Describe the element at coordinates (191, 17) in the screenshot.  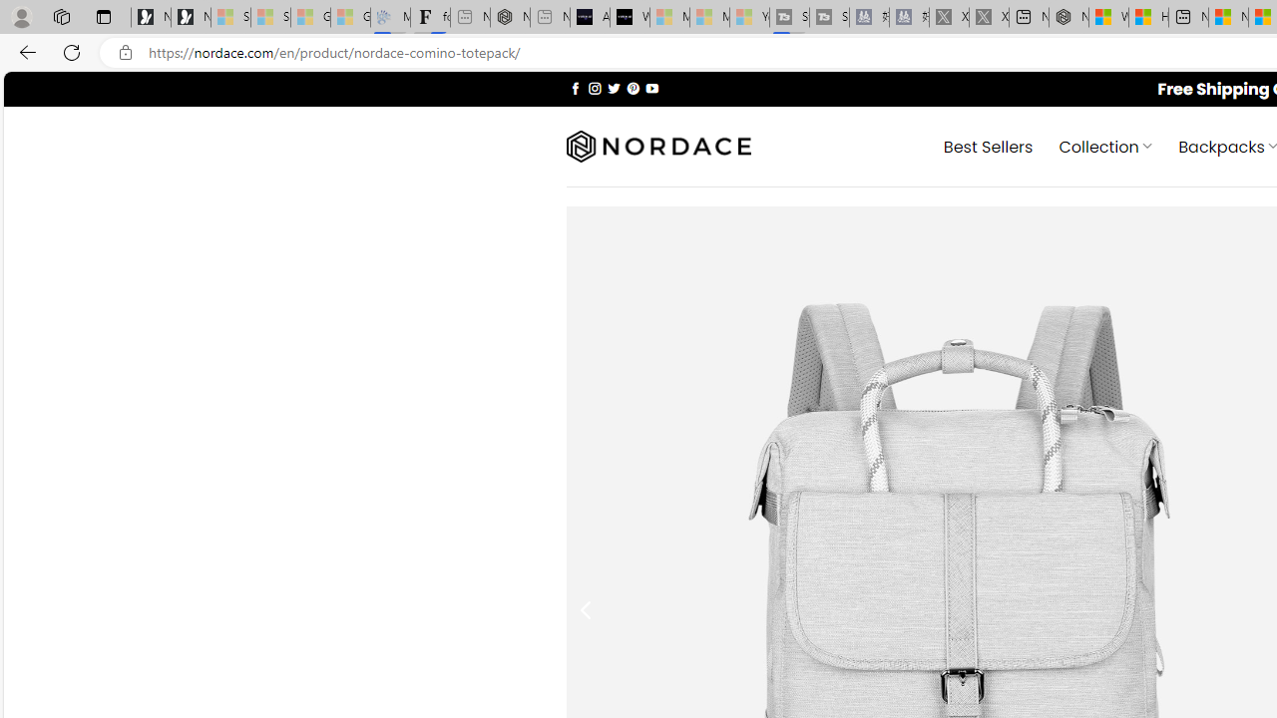
I see `'Newsletter Sign Up'` at that location.